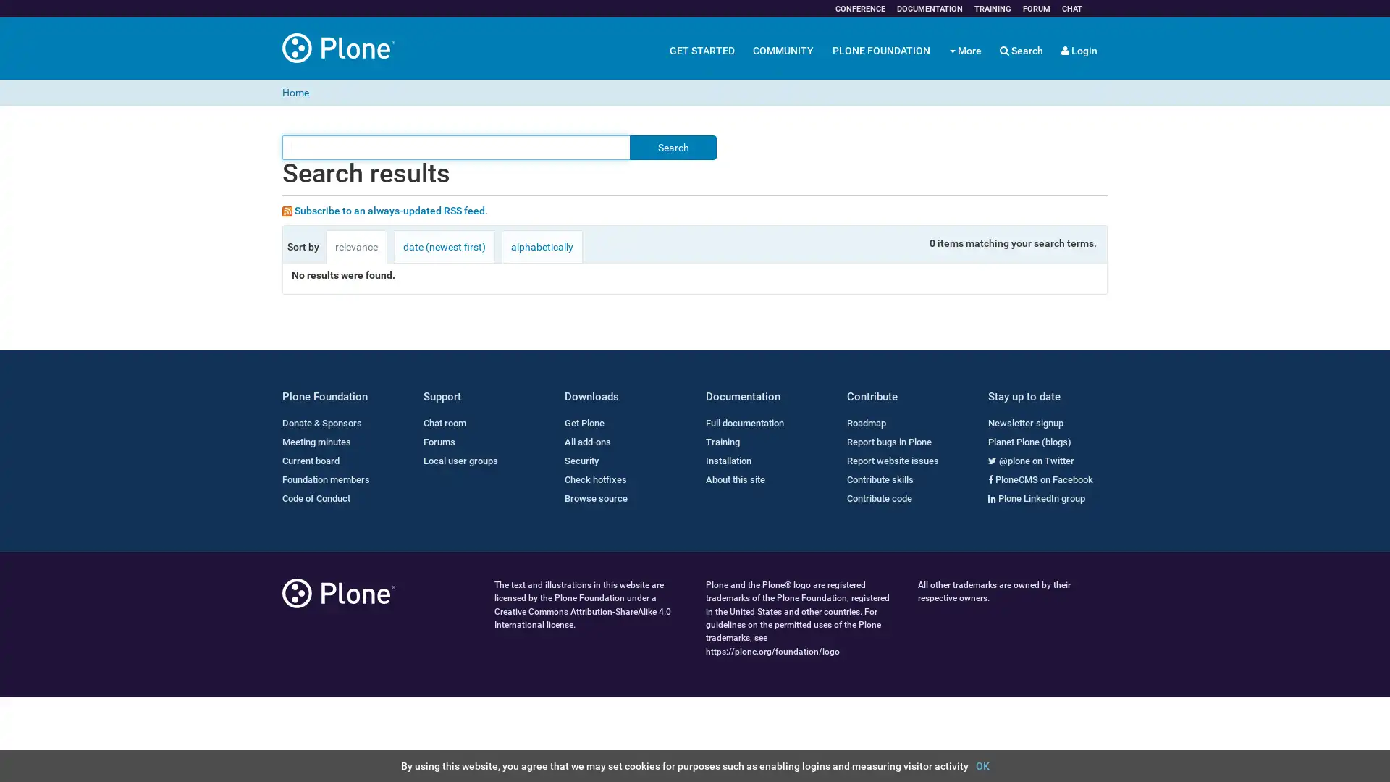  I want to click on Search, so click(673, 148).